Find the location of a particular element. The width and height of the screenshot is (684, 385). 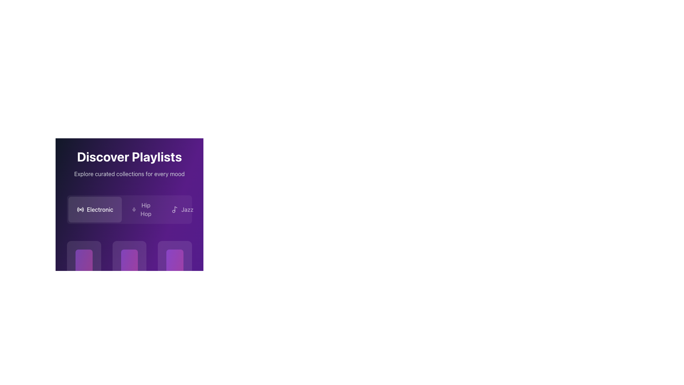

the 'Hip Hop' text label is located at coordinates (145, 209).